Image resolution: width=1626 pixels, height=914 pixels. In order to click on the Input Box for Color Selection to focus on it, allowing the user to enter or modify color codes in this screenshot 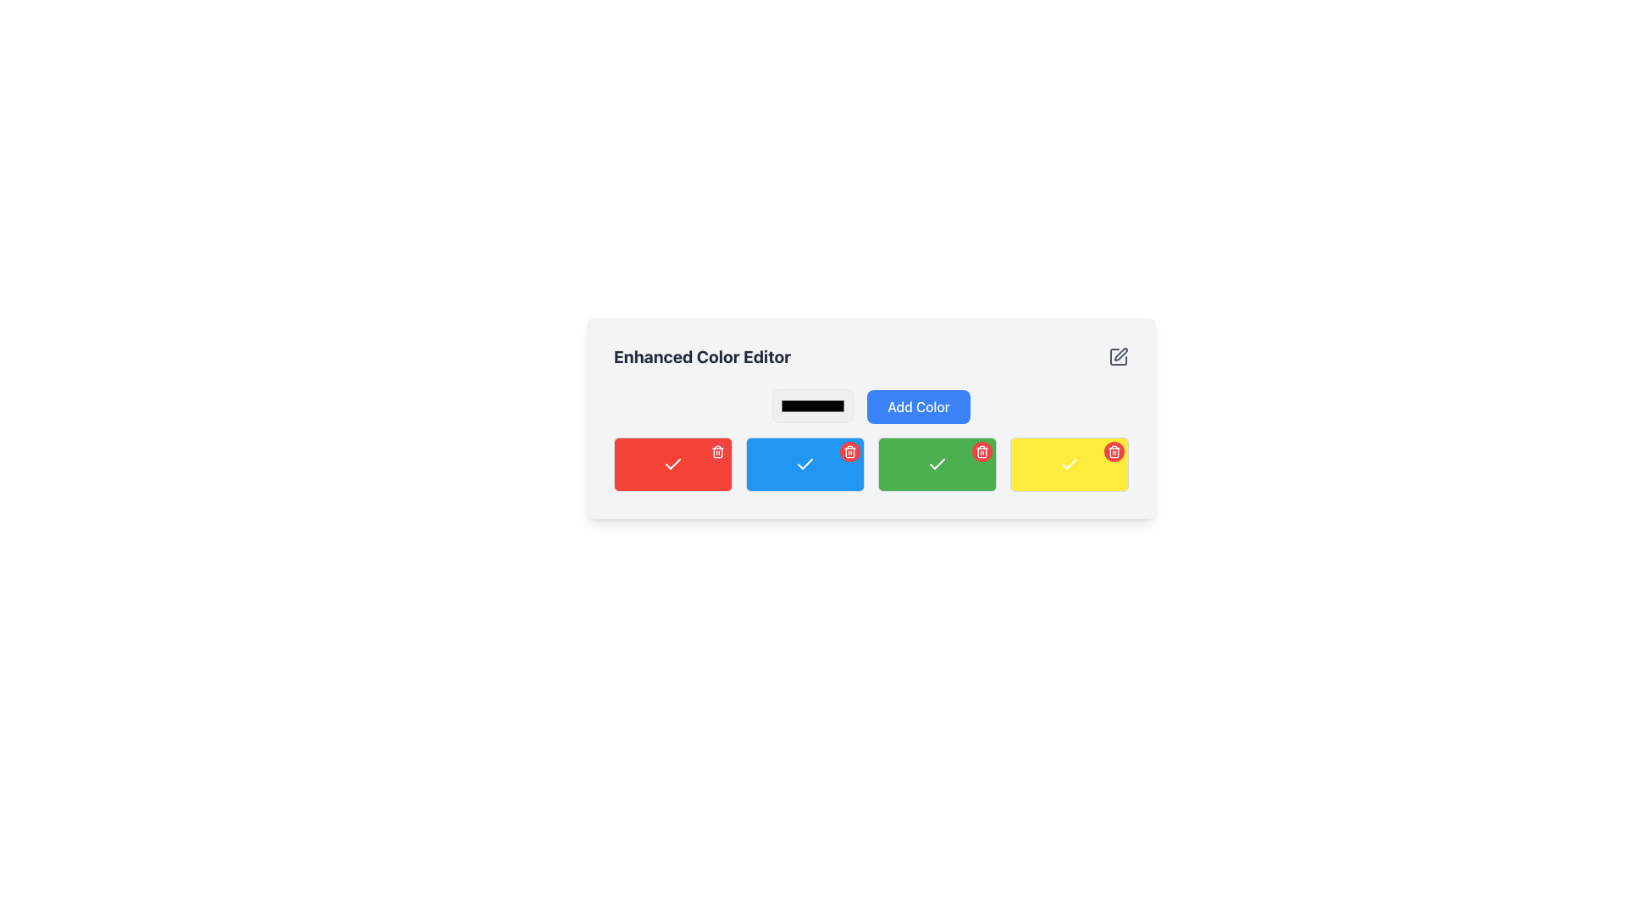, I will do `click(813, 405)`.